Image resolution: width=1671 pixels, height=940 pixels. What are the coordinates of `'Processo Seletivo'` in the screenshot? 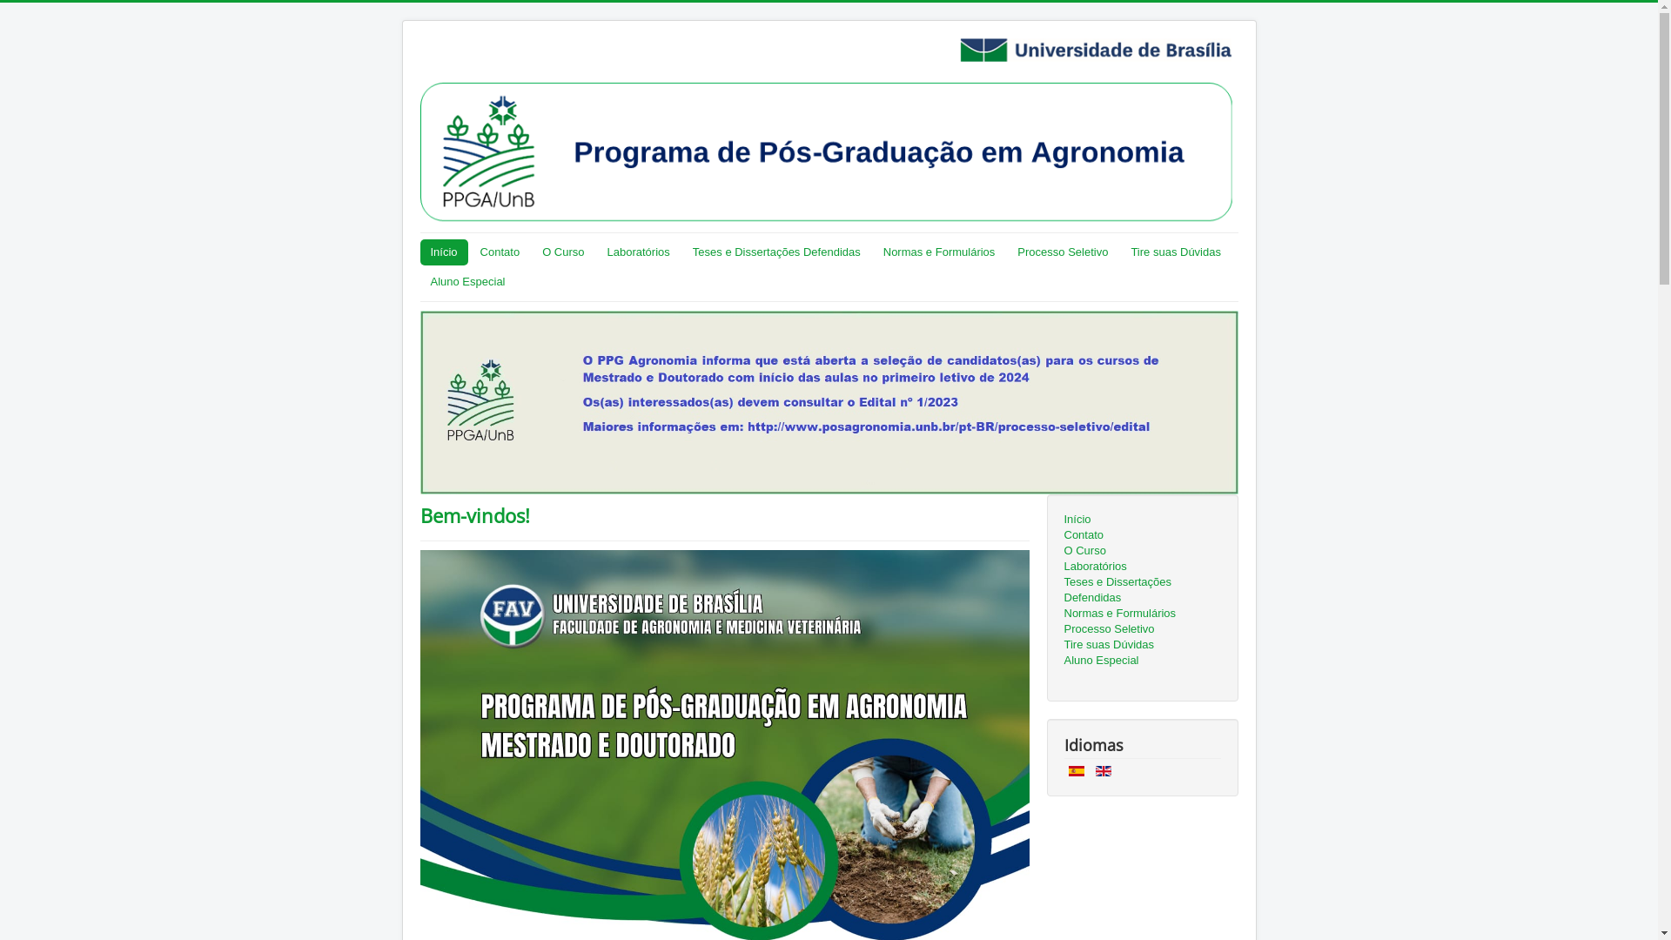 It's located at (1141, 628).